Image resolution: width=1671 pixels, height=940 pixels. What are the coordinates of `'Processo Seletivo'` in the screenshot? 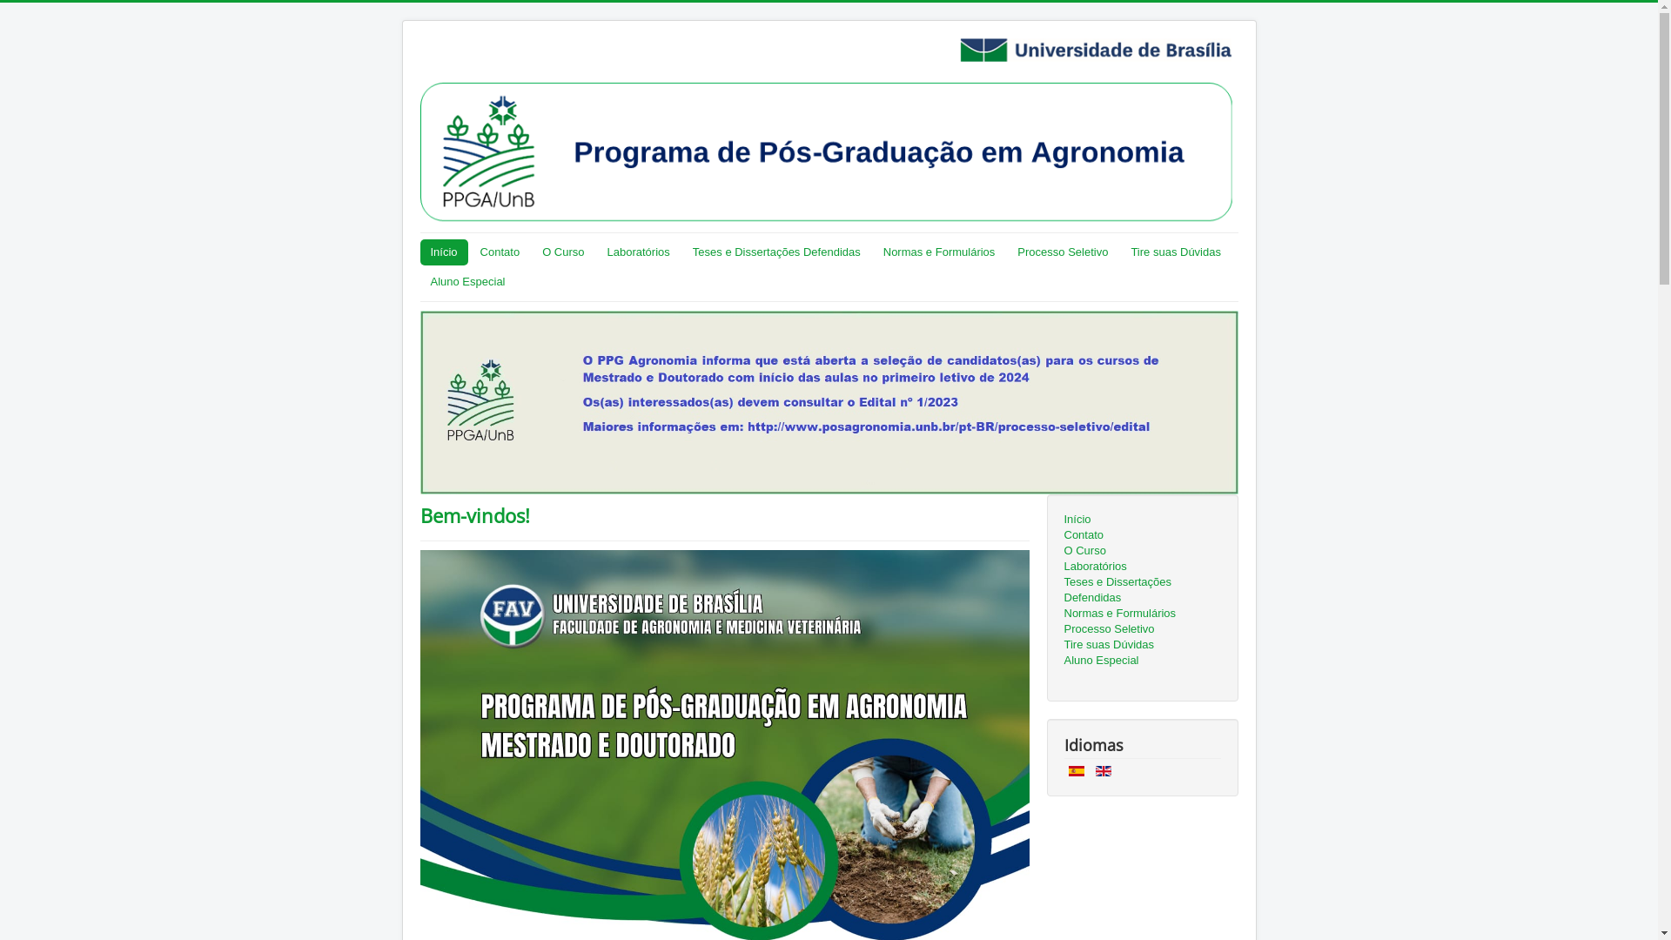 It's located at (1141, 628).